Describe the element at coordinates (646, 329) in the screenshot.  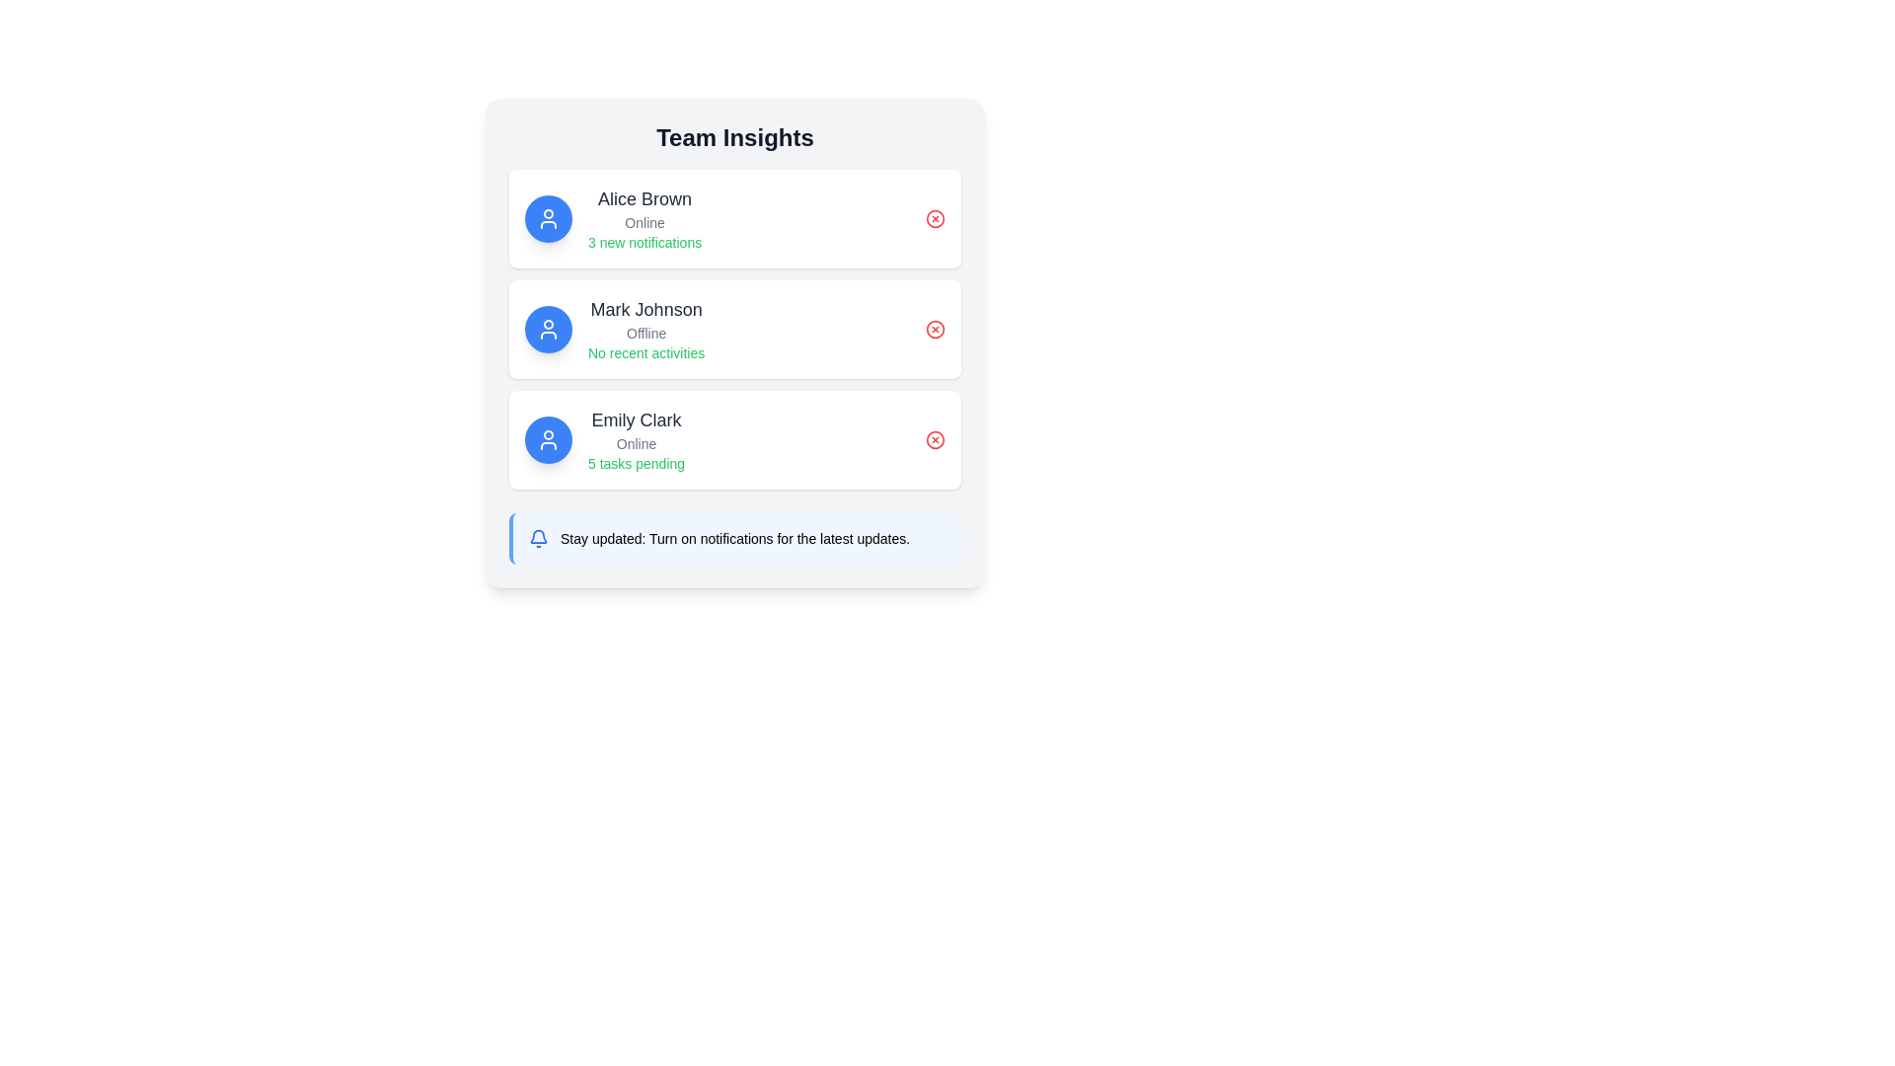
I see `the name 'Mark Johnson' or the status 'Offline' in the descriptive text block` at that location.